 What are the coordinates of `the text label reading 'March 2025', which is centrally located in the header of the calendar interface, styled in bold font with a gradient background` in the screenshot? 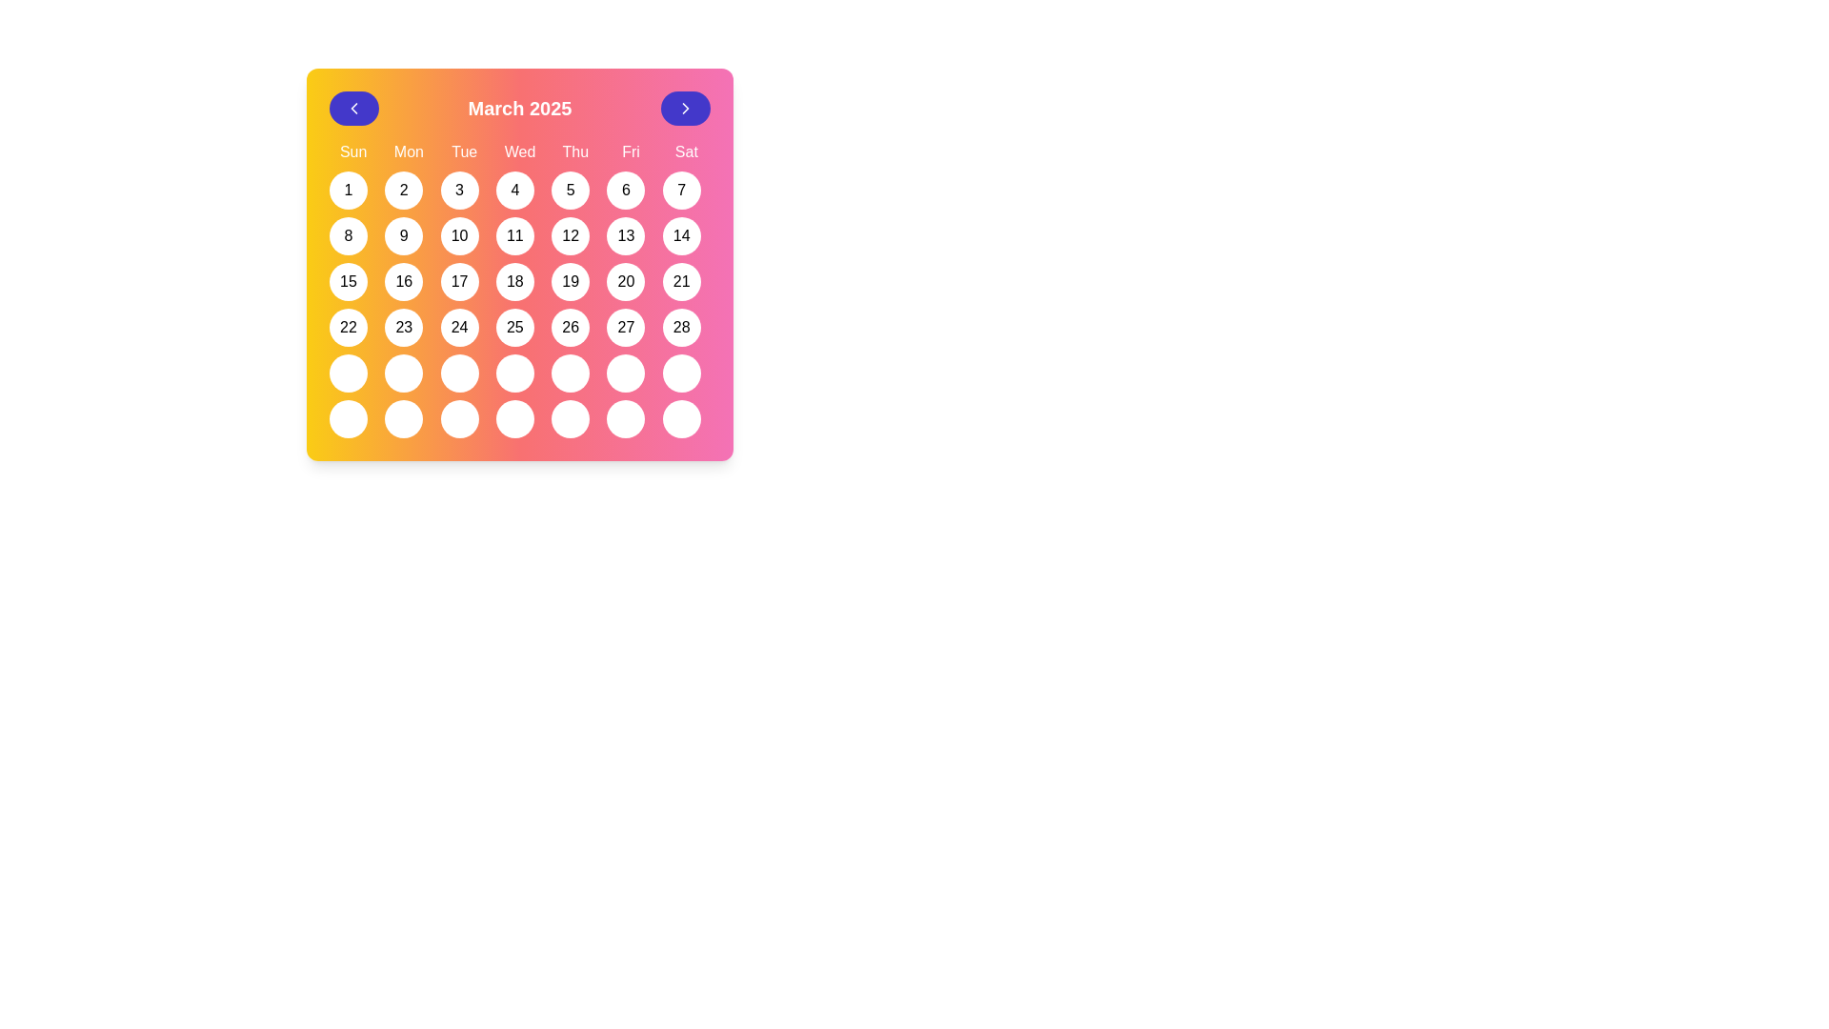 It's located at (520, 109).